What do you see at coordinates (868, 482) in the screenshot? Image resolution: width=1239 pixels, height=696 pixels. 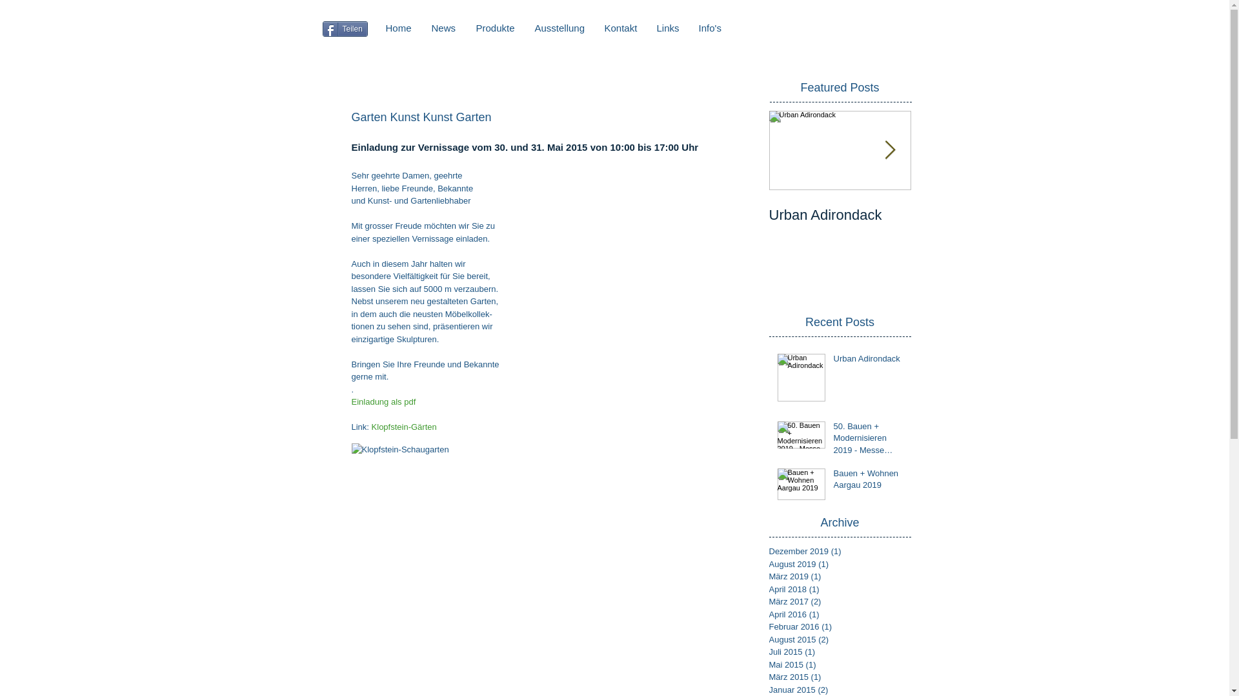 I see `'Bauen + Wohnen Aargau 2019'` at bounding box center [868, 482].